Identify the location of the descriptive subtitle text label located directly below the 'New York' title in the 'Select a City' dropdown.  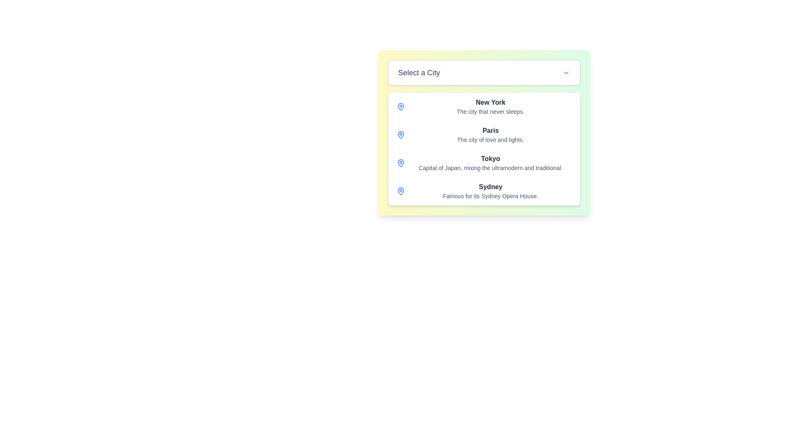
(490, 112).